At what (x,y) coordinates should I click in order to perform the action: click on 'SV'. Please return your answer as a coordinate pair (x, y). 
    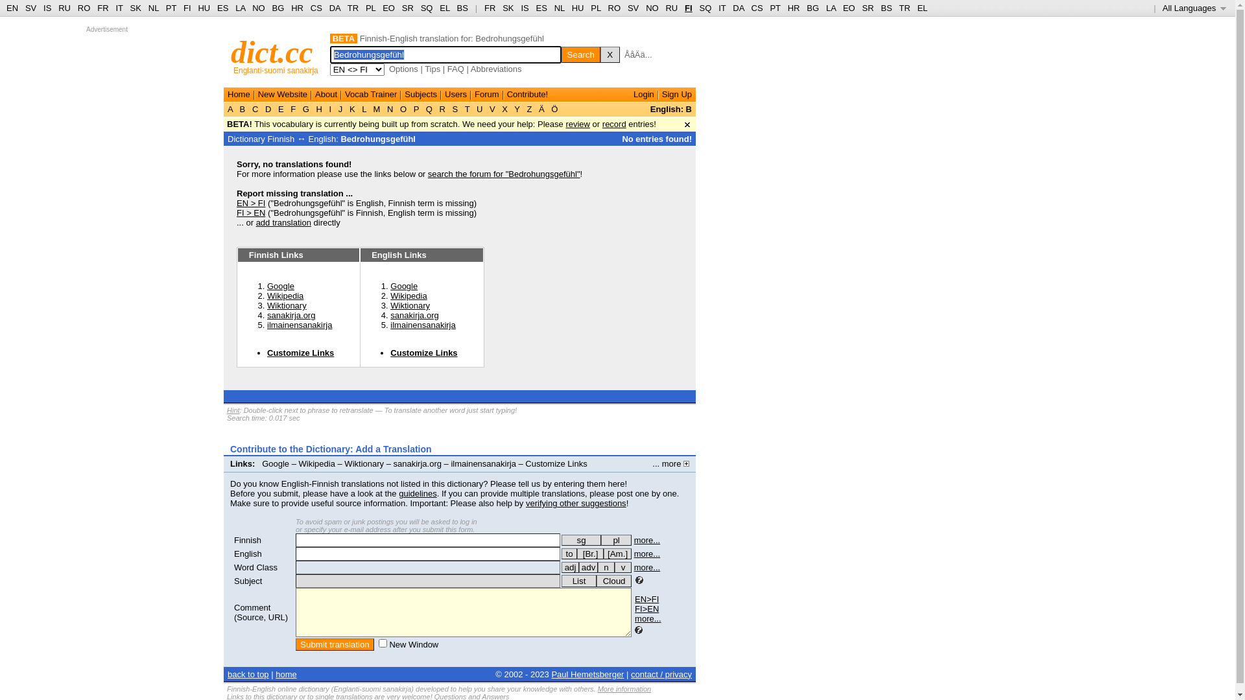
    Looking at the image, I should click on (633, 8).